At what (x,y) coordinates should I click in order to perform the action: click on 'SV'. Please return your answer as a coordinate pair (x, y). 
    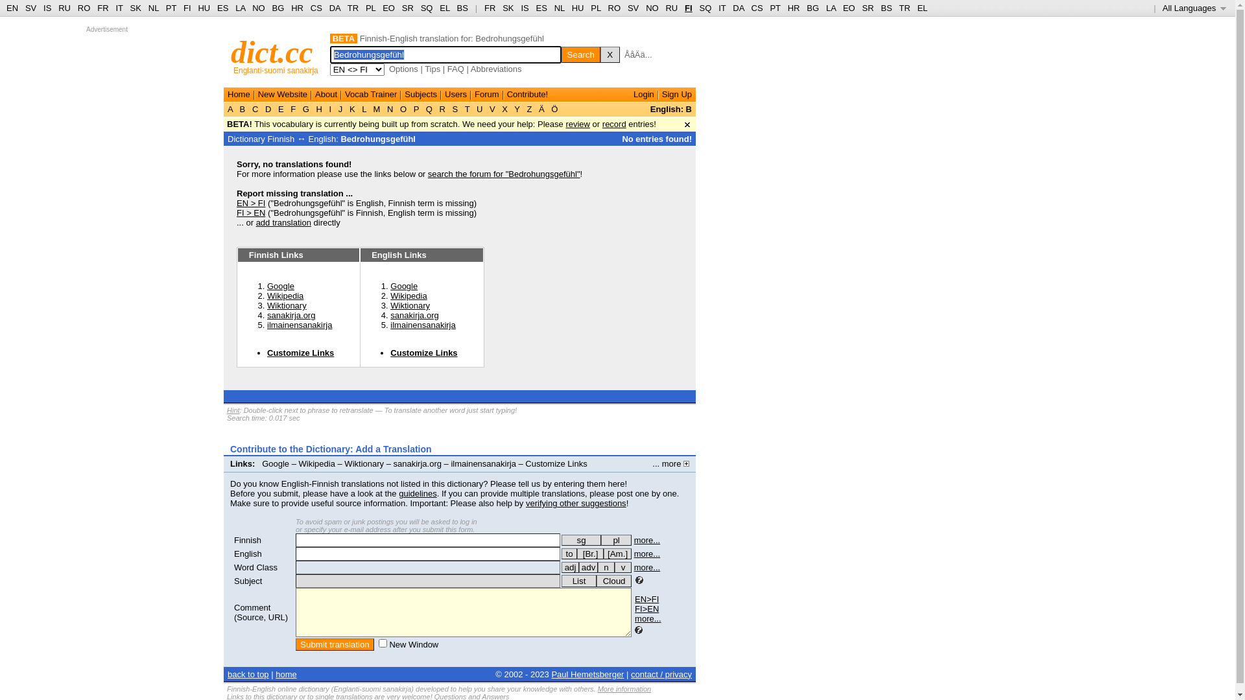
    Looking at the image, I should click on (633, 8).